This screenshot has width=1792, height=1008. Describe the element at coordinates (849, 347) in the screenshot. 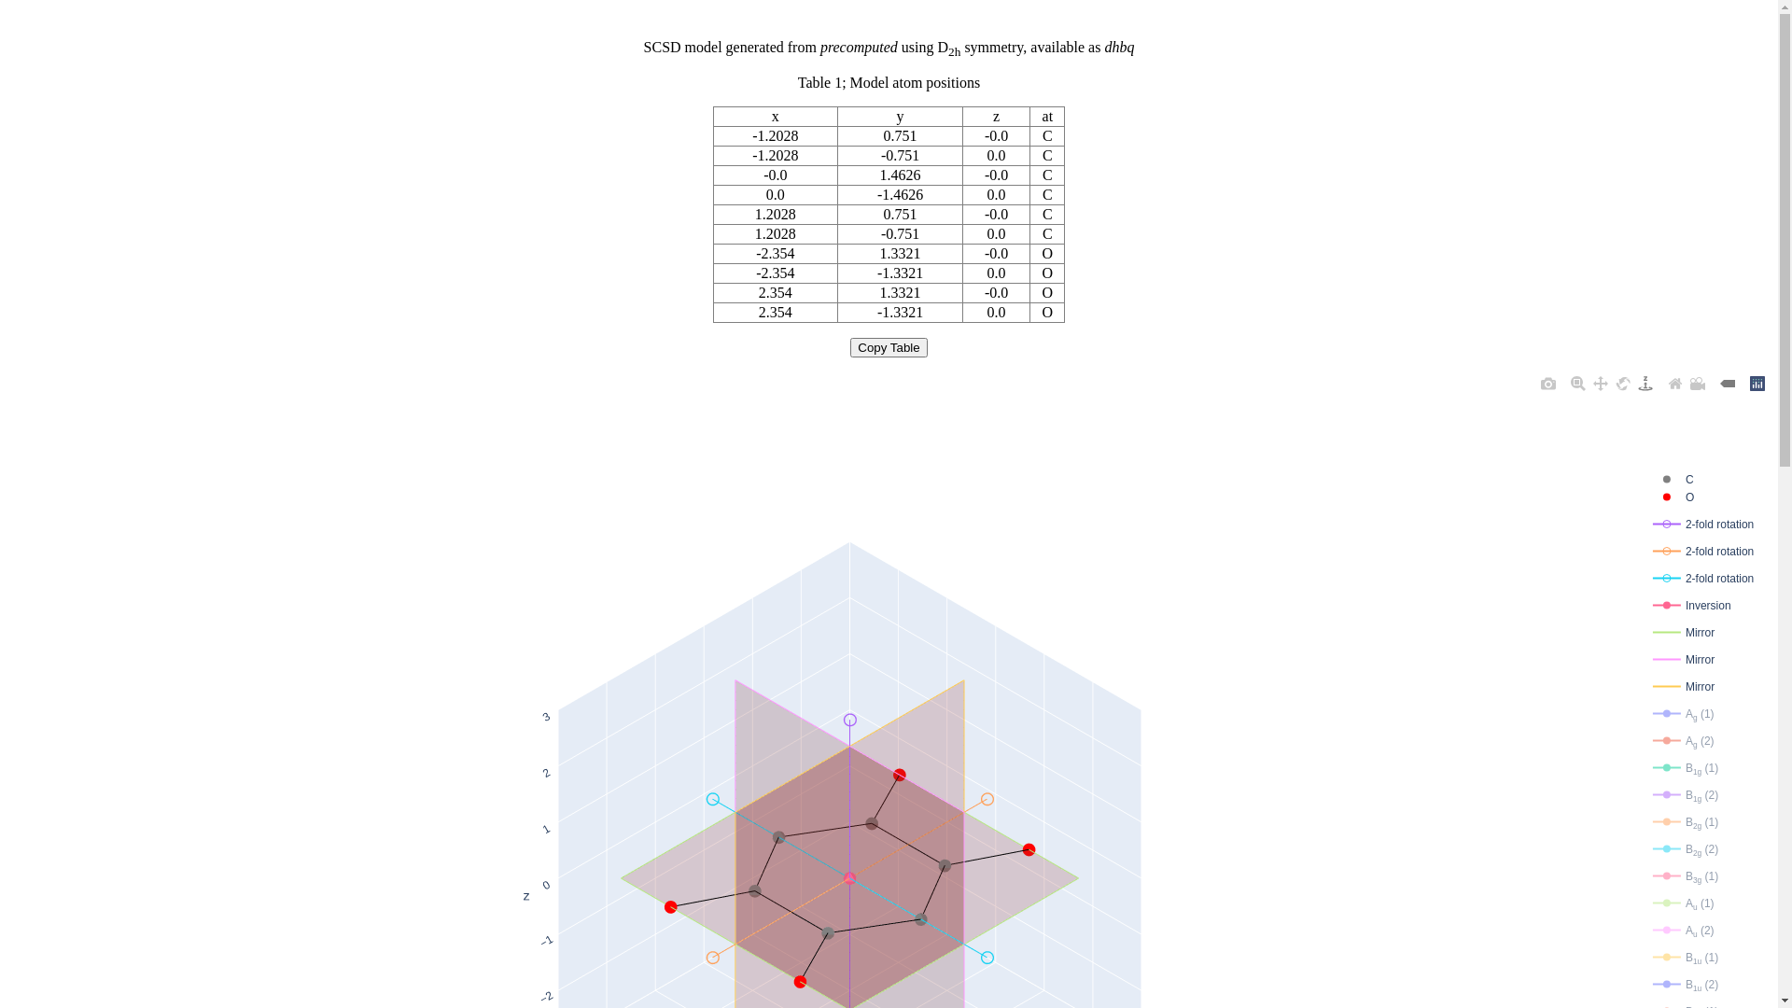

I see `'Copy Table'` at that location.